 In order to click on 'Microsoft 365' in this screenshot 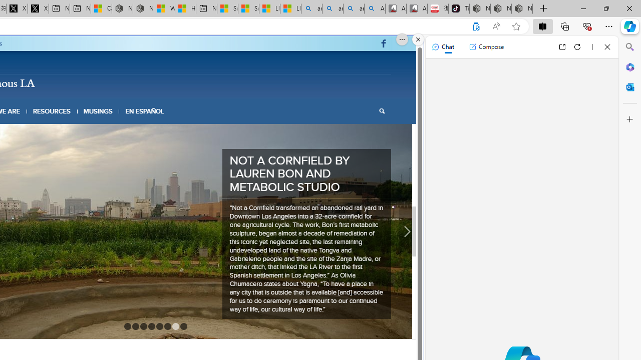, I will do `click(629, 66)`.